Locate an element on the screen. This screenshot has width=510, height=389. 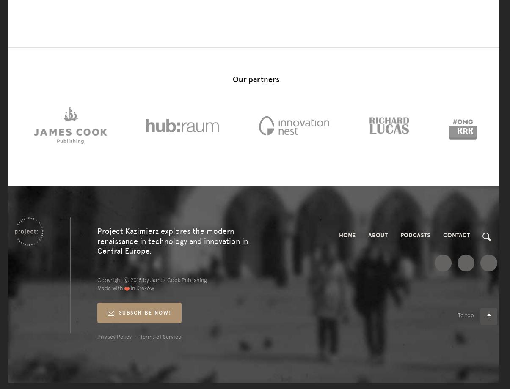
'sam:' is located at coordinates (73, 82).